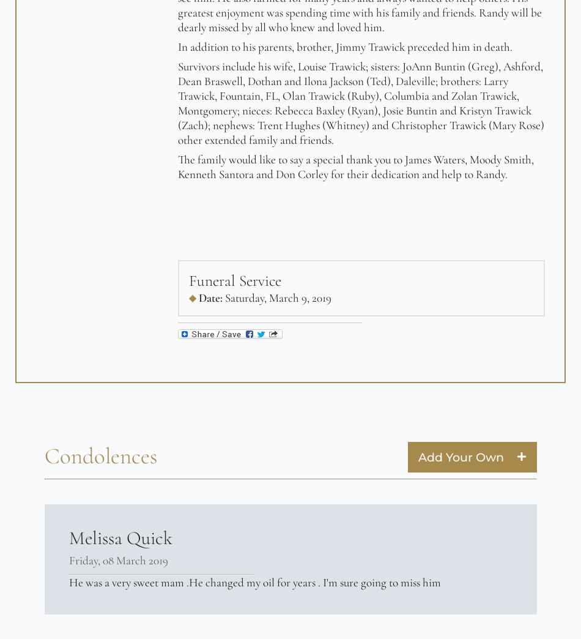  I want to click on 'Date:', so click(210, 298).